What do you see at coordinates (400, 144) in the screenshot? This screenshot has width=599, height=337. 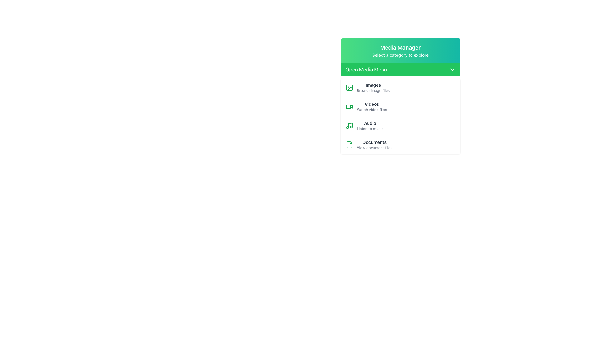 I see `the fourth entry in the vertical list titled 'Media Manager' to observe visual feedback` at bounding box center [400, 144].